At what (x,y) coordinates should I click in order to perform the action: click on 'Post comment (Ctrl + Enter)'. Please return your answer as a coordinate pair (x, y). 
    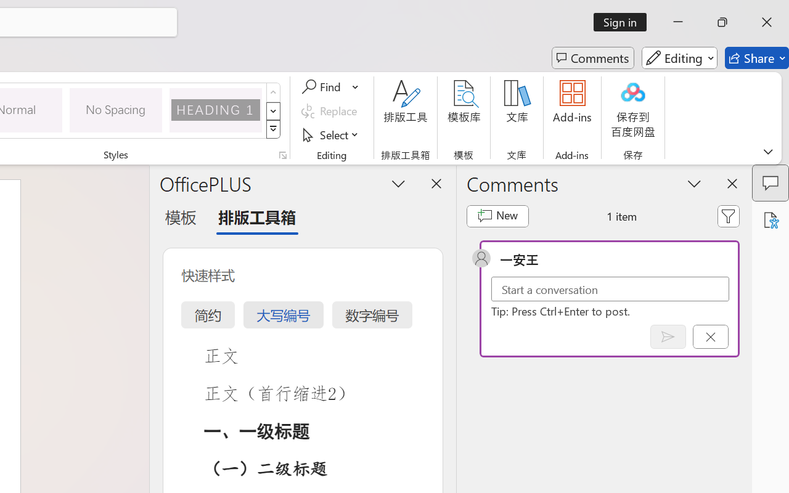
    Looking at the image, I should click on (668, 336).